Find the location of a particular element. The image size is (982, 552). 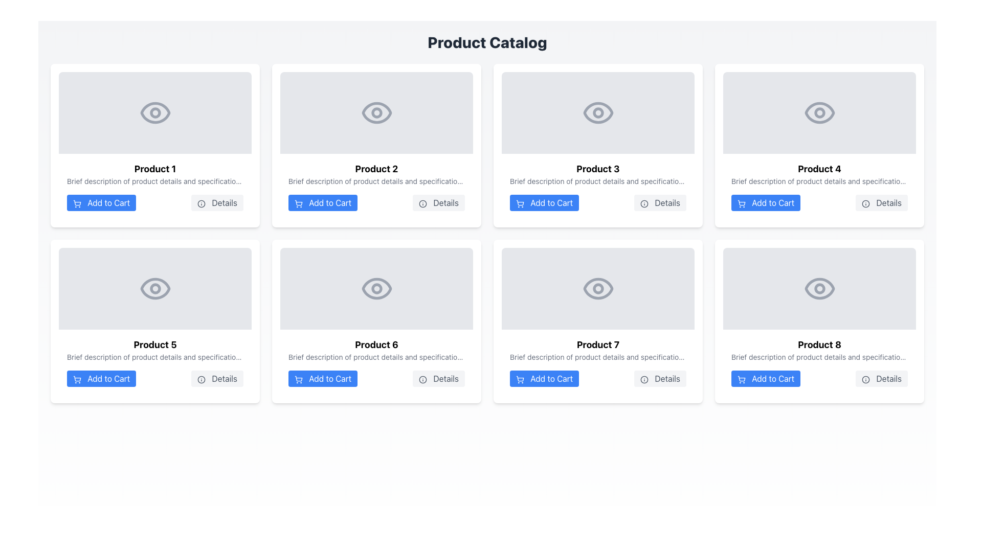

the information icon within the 'Details' button located in the lower-right portion of the card for 'Product 6'. This icon is styled as a circle with an enclosed 'i' and is associated with the product in the second row and second column of the grid layout is located at coordinates (423, 379).